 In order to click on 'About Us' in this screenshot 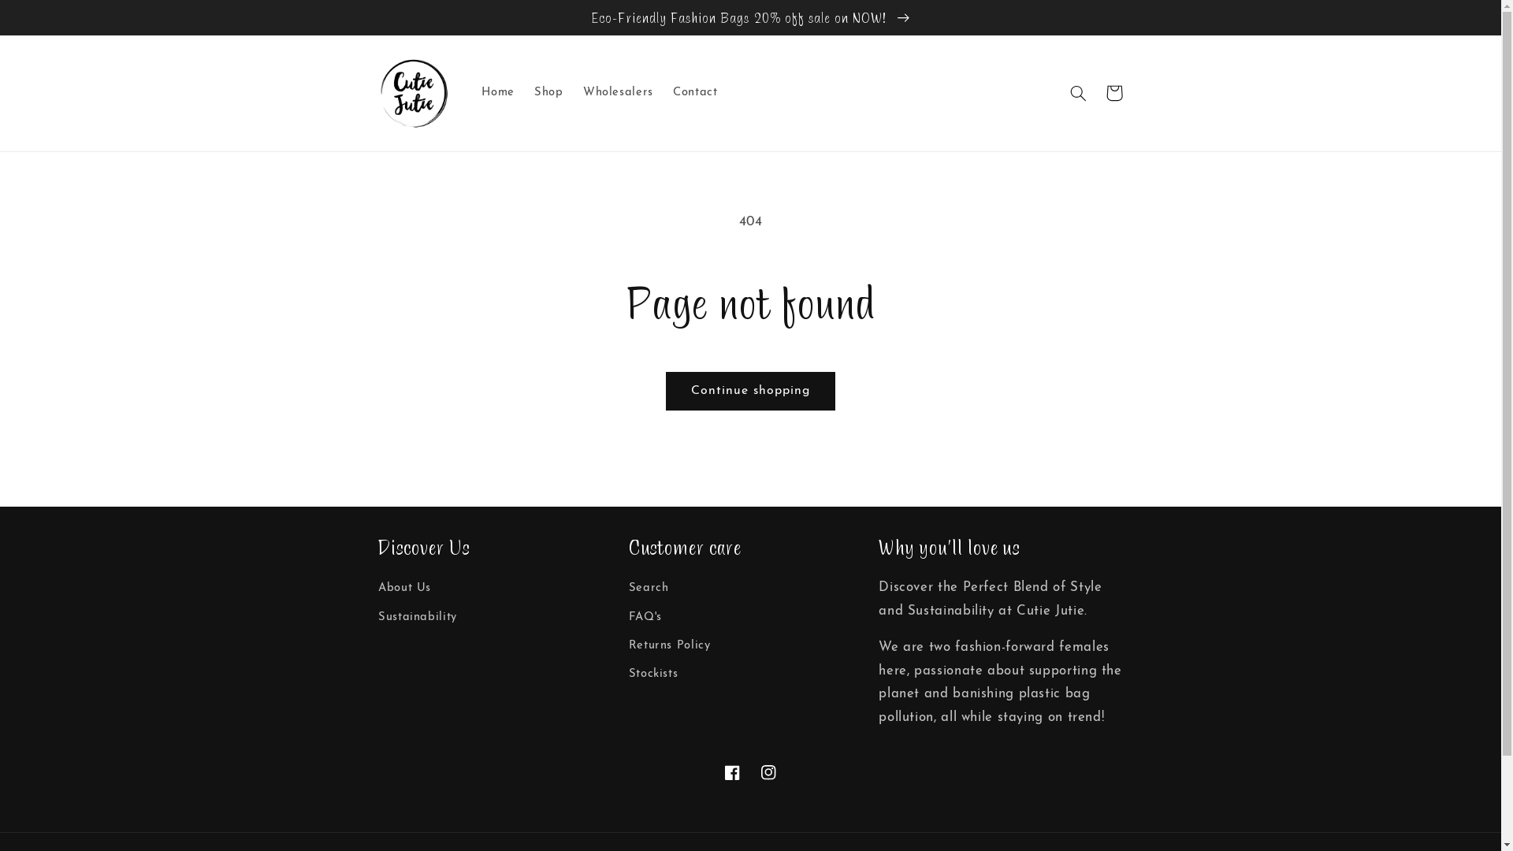, I will do `click(378, 590)`.